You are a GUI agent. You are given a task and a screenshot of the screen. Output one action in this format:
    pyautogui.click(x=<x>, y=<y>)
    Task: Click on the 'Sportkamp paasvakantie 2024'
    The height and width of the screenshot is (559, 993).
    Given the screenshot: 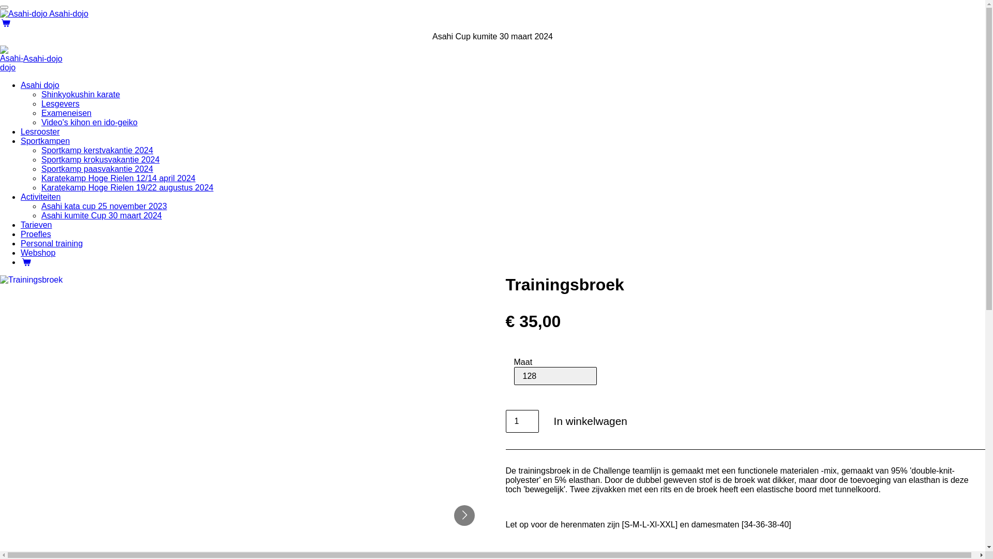 What is the action you would take?
    pyautogui.click(x=41, y=168)
    